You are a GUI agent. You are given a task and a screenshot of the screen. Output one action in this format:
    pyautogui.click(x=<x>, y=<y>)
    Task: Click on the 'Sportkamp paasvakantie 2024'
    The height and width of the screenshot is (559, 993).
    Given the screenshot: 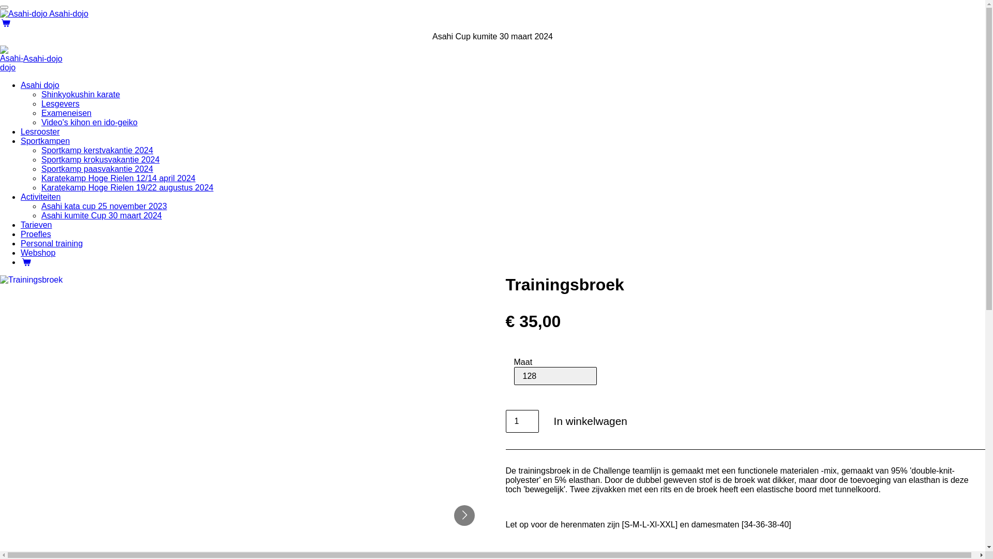 What is the action you would take?
    pyautogui.click(x=41, y=168)
    